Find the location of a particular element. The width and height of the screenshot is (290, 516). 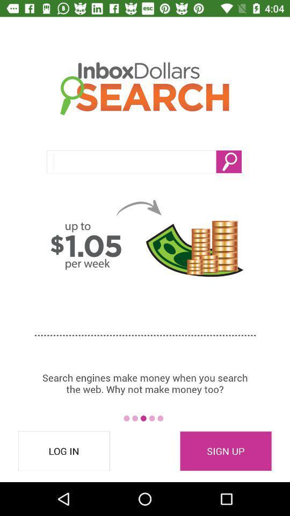

the log in at the bottom left corner is located at coordinates (64, 451).